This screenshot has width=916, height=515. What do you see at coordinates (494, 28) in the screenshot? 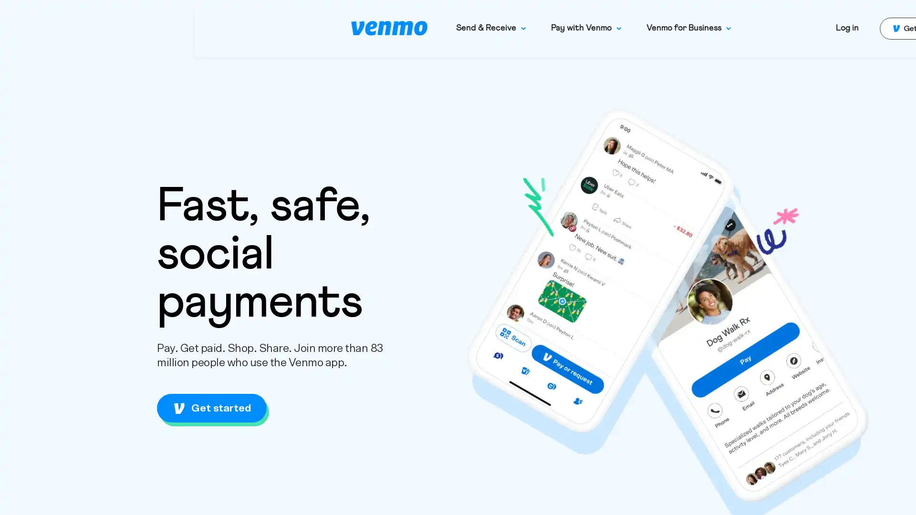
I see `Venmo for Business` at bounding box center [494, 28].